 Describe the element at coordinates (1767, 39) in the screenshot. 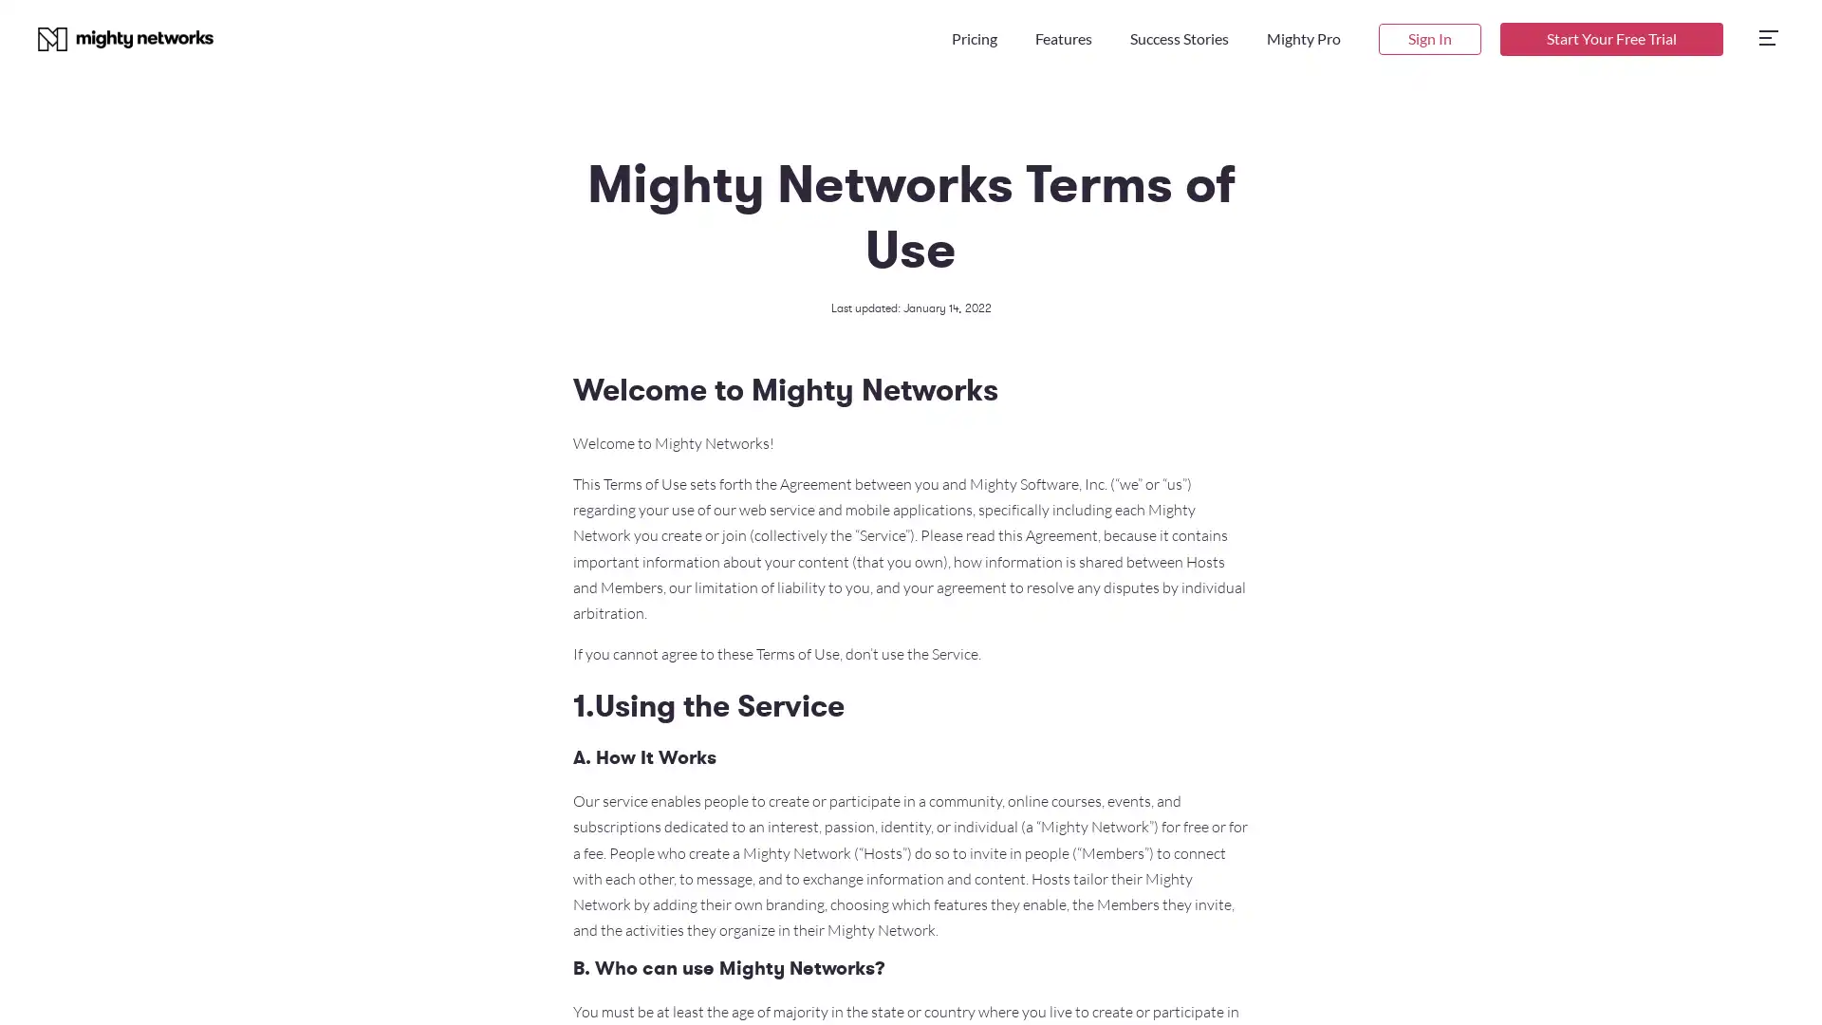

I see `open side menu` at that location.